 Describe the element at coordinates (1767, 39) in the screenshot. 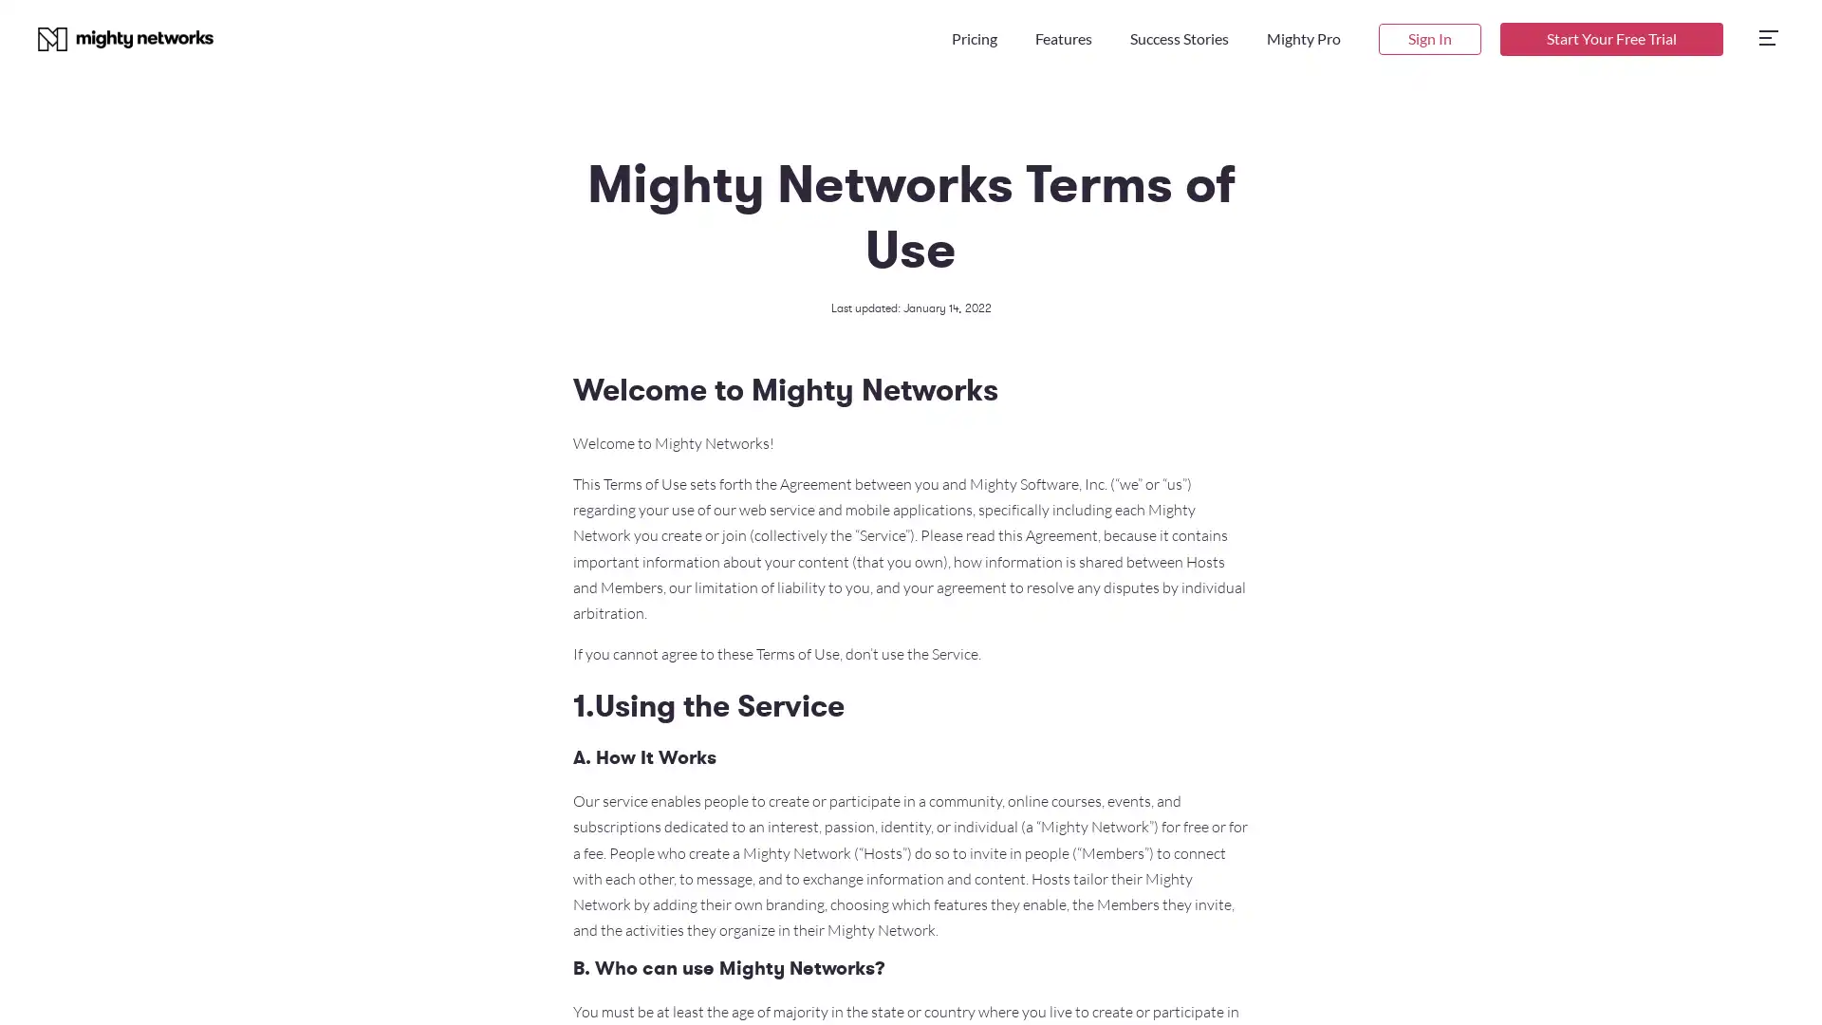

I see `open side menu` at that location.